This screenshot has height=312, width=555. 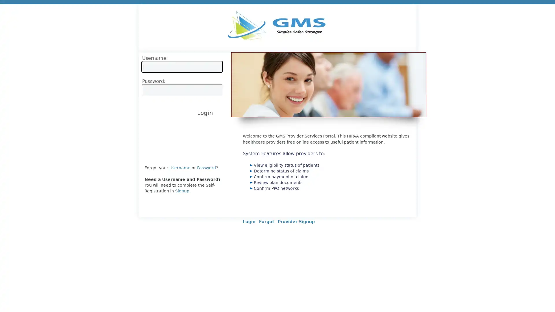 What do you see at coordinates (204, 112) in the screenshot?
I see `Login` at bounding box center [204, 112].